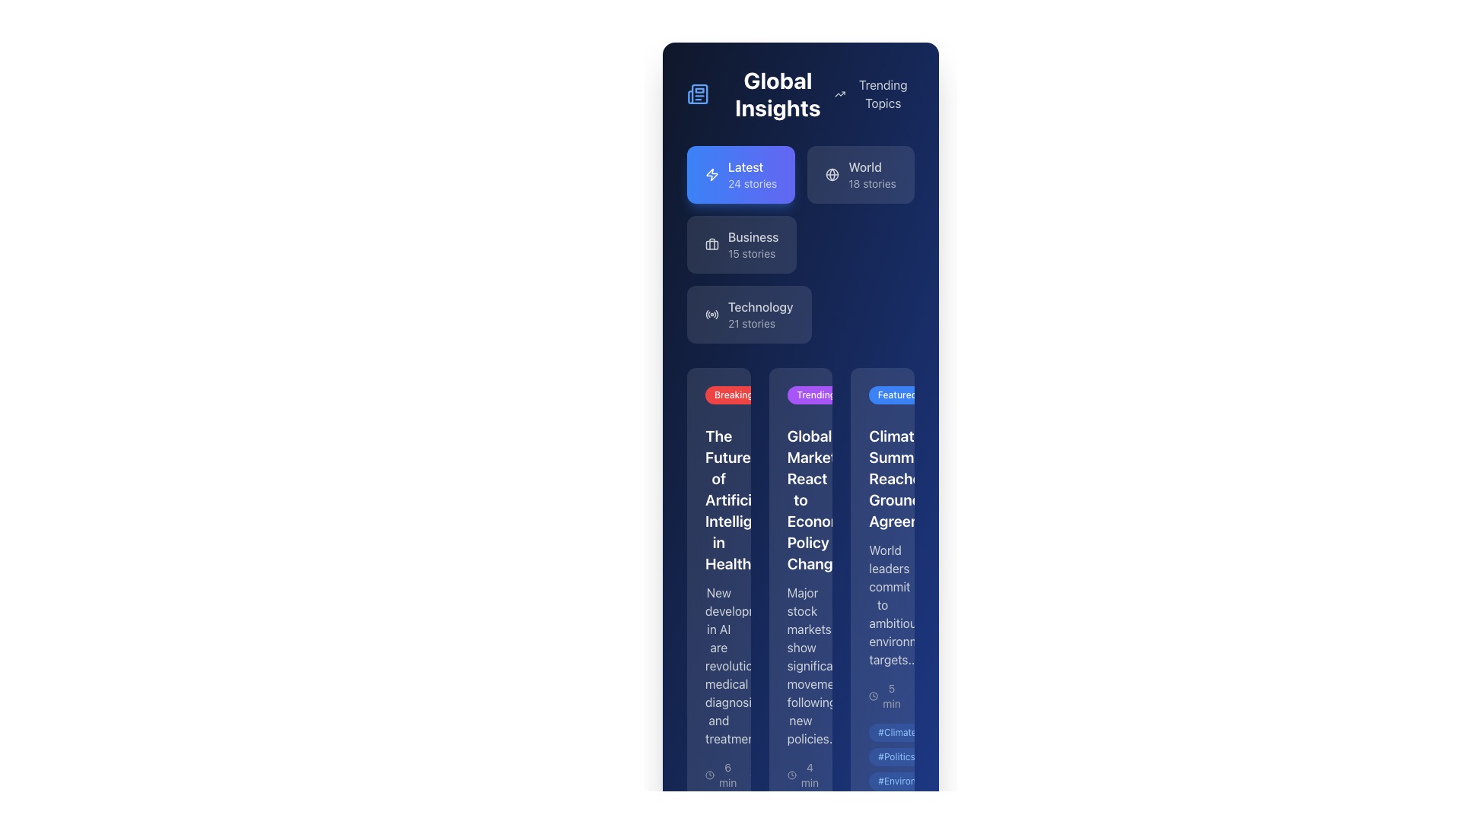  Describe the element at coordinates (718, 664) in the screenshot. I see `the text block that provides a summary of advancements in AI in healthcare, located in the second column below the main heading` at that location.